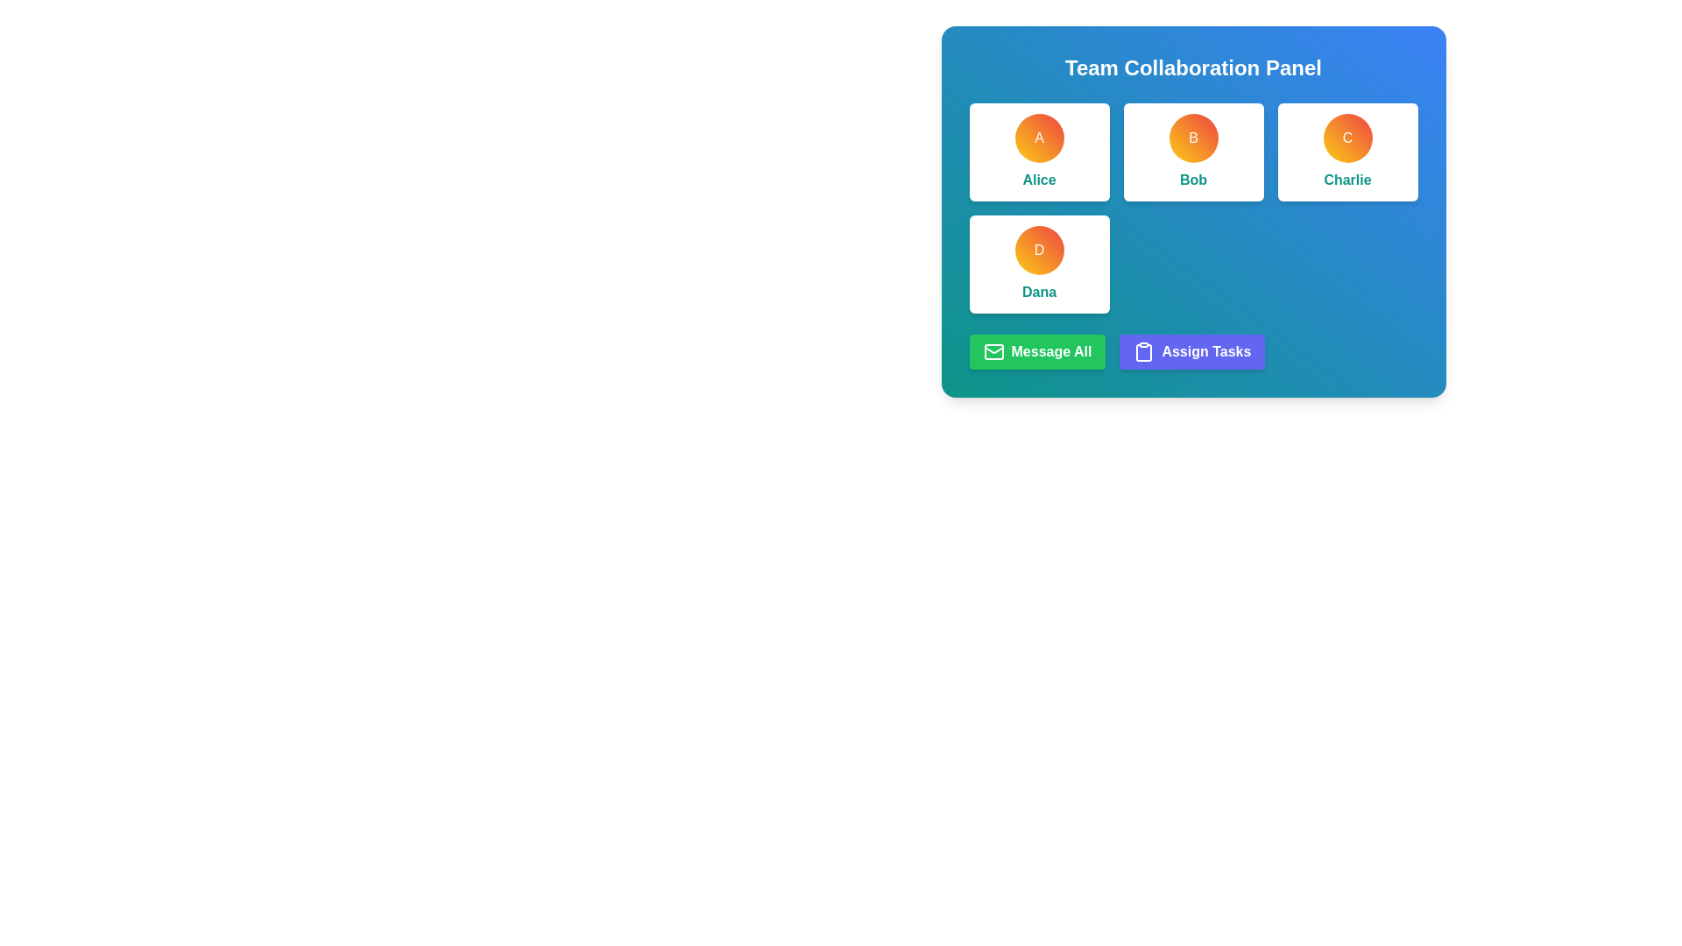  I want to click on the static text element displaying the name 'Alice', which is located in the top left card of a grid layout within a blue panel, centered below the circular element featuring the letter 'A', so click(1039, 180).